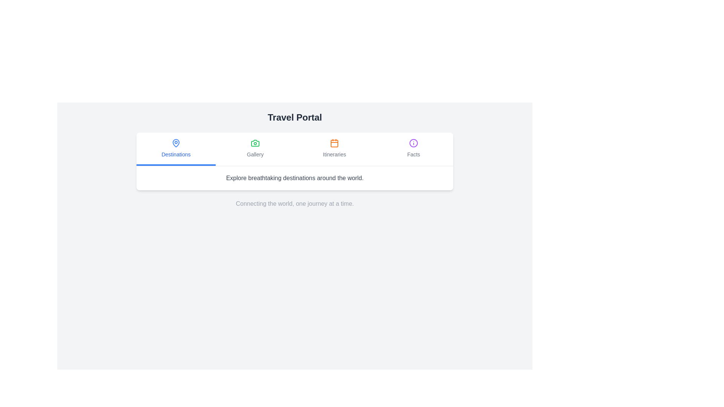  What do you see at coordinates (175, 143) in the screenshot?
I see `the blue map pin icon in the 'Destinations' section of the navigation bar, which is the first item among other options like 'Gallery', 'Itineraries', and 'Facts'` at bounding box center [175, 143].